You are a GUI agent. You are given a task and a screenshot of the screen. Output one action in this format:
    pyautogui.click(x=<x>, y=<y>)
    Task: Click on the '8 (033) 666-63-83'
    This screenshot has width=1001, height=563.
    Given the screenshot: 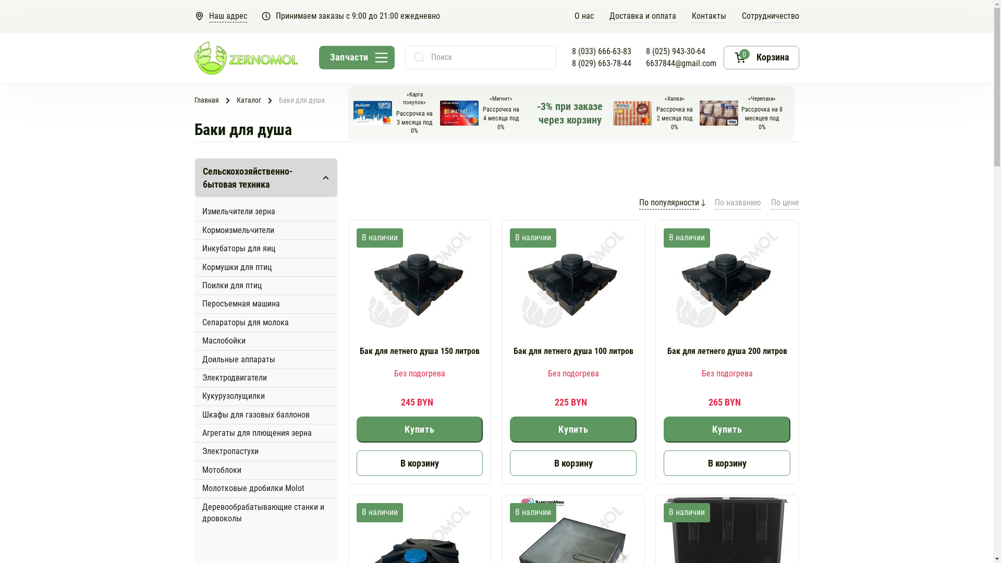 What is the action you would take?
    pyautogui.click(x=601, y=52)
    